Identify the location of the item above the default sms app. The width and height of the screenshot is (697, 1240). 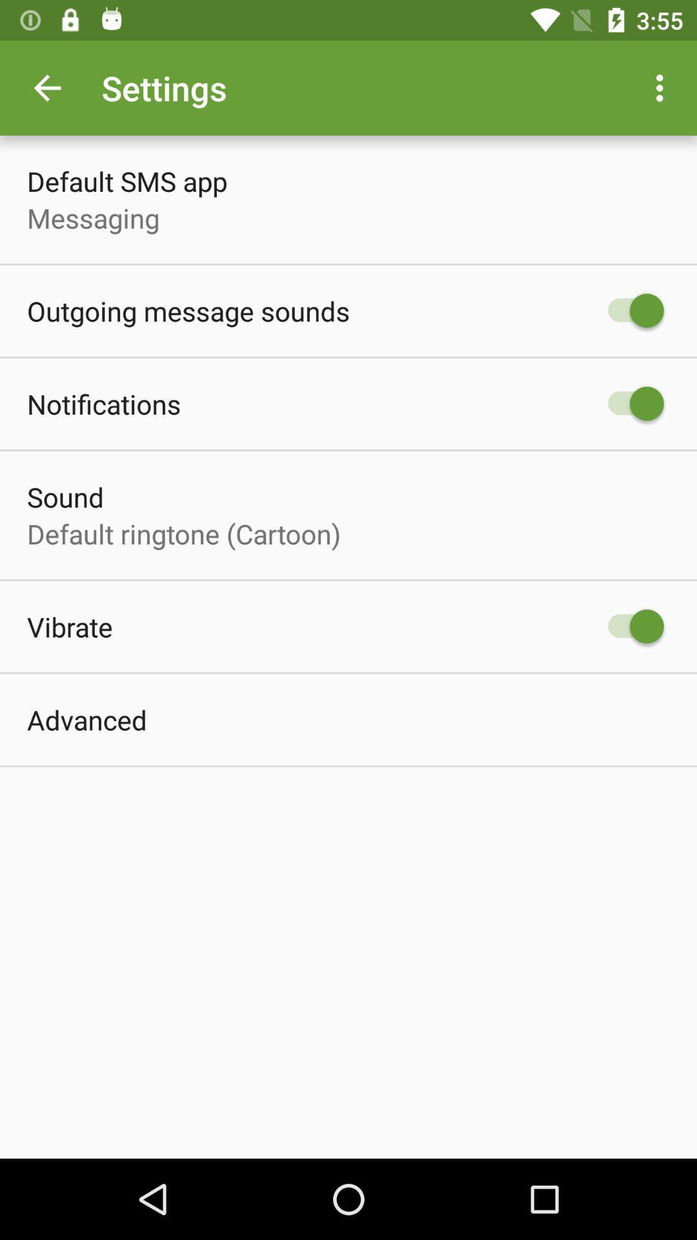
(46, 87).